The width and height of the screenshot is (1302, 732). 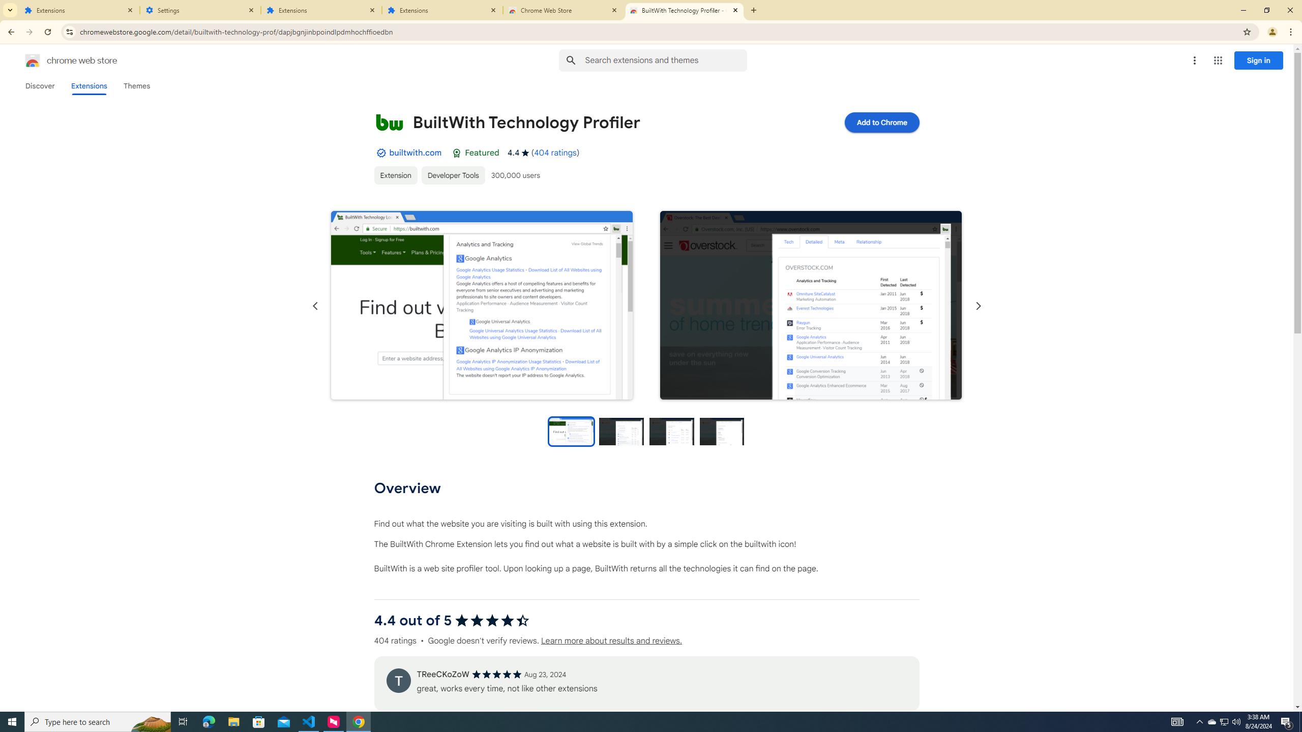 What do you see at coordinates (415, 152) in the screenshot?
I see `'builtwith.com'` at bounding box center [415, 152].